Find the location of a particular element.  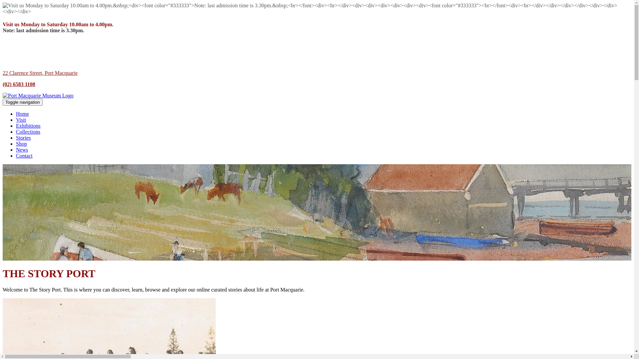

'Shop' is located at coordinates (21, 143).